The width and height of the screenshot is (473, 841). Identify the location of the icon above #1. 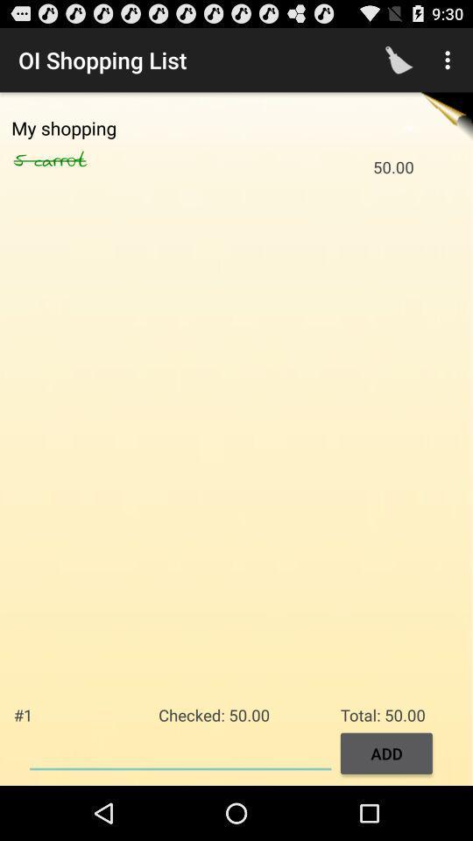
(23, 160).